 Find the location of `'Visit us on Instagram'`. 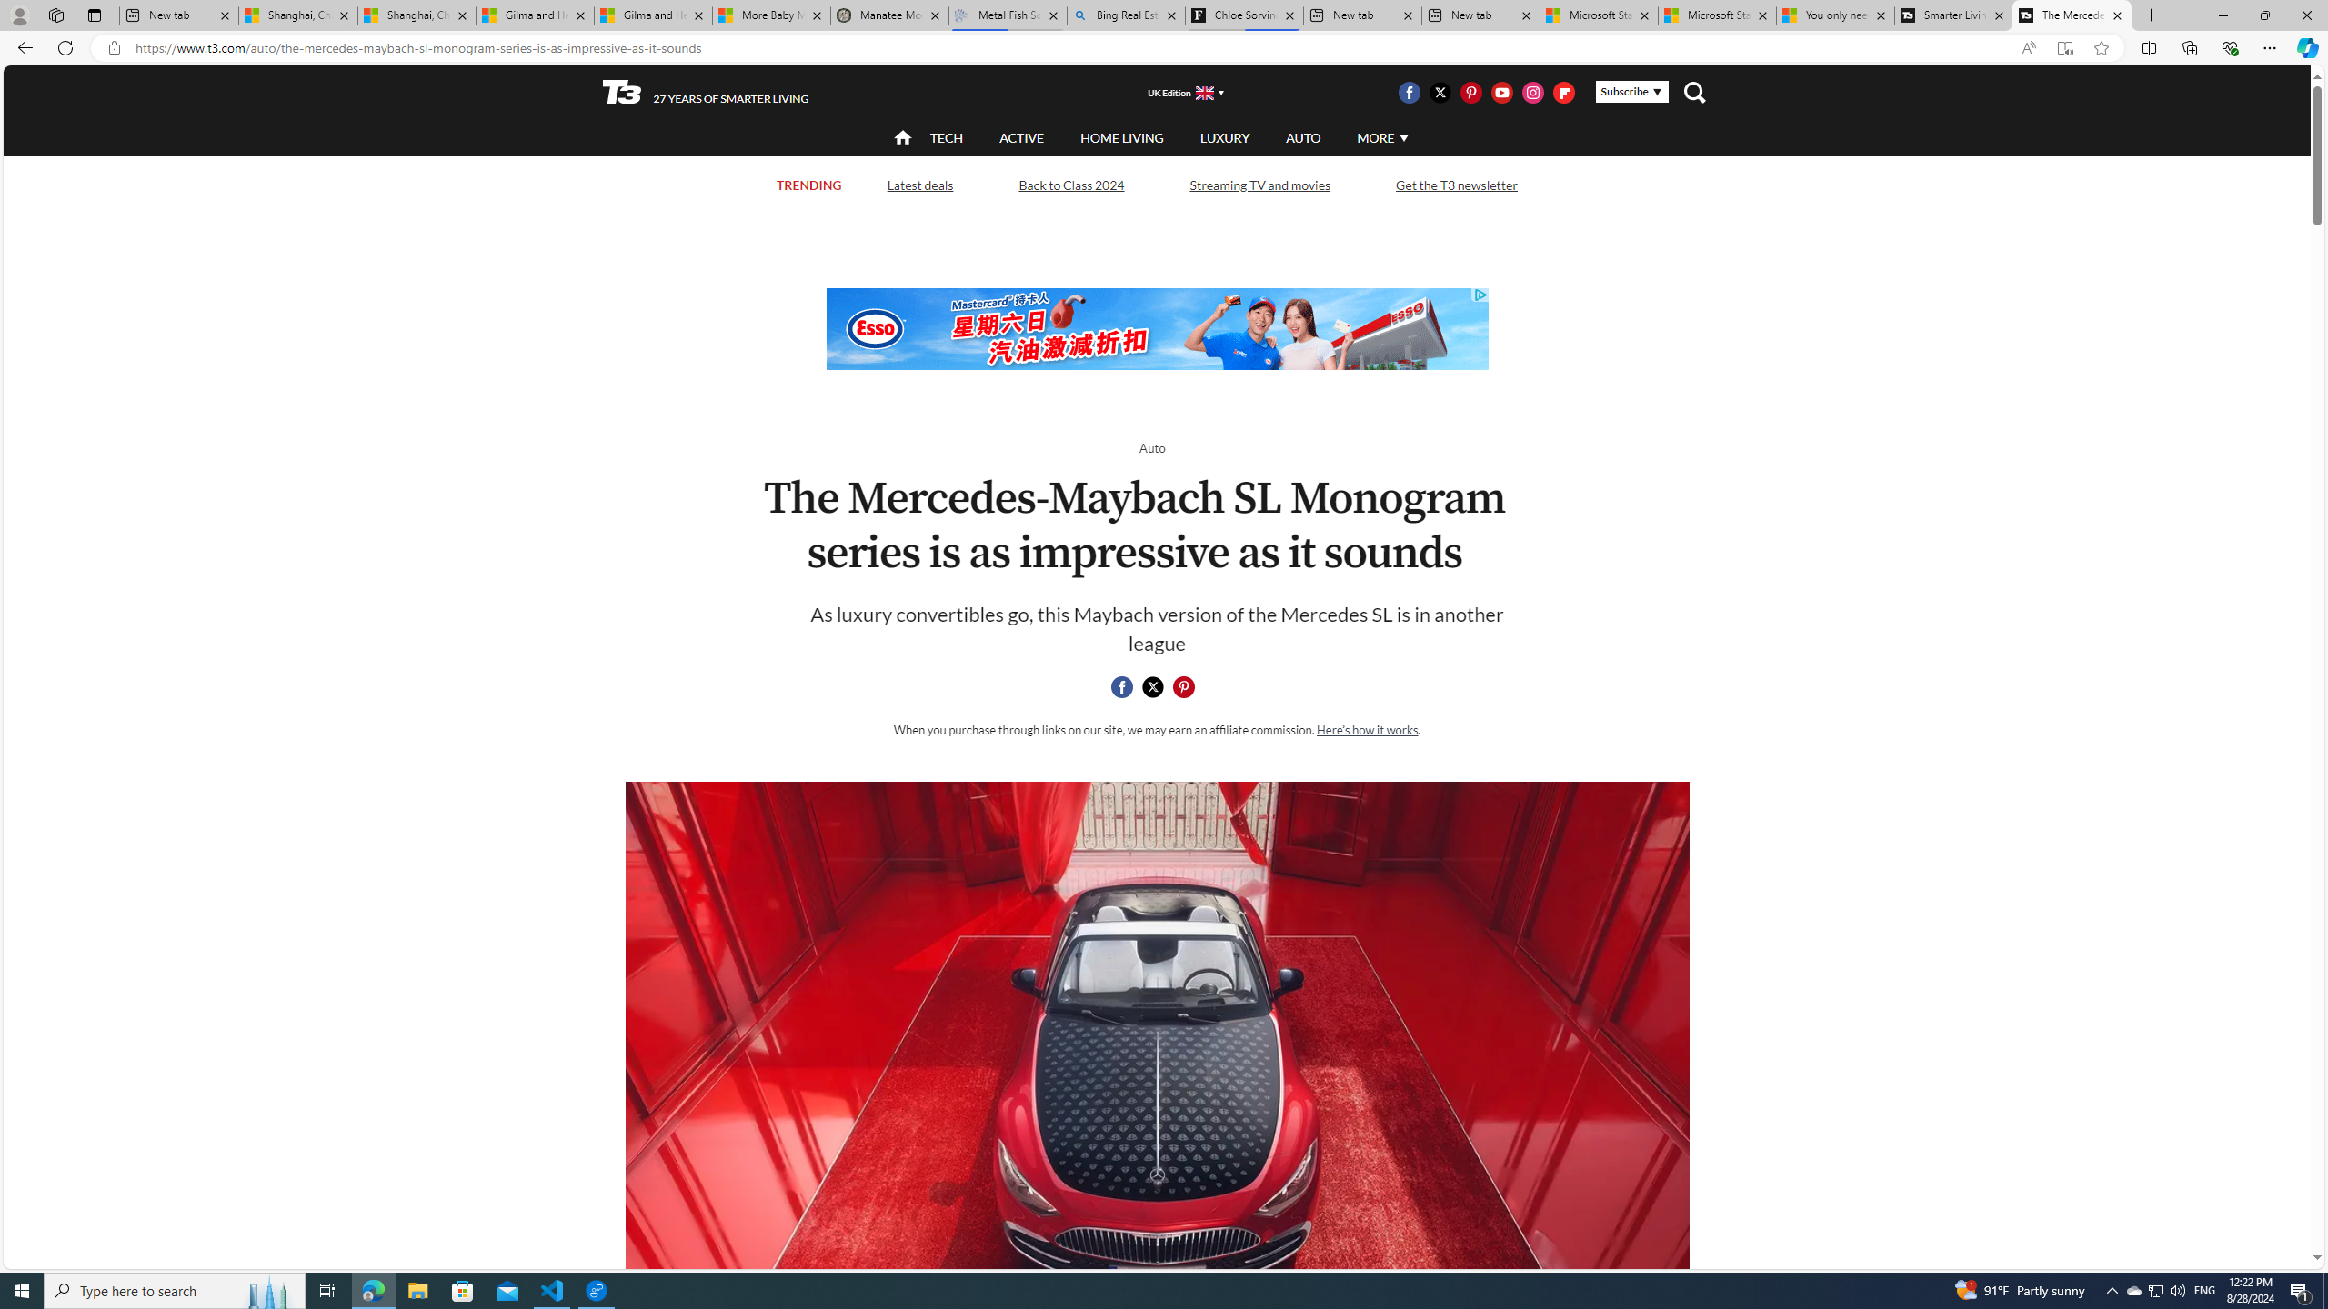

'Visit us on Instagram' is located at coordinates (1531, 91).